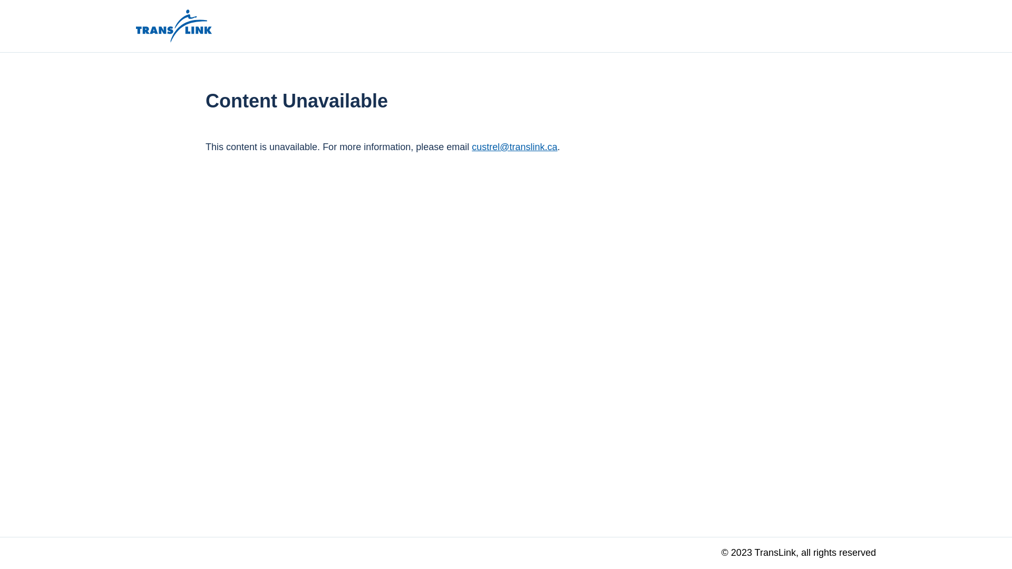 The image size is (1012, 569). Describe the element at coordinates (514, 146) in the screenshot. I see `'custrel@translink.ca'` at that location.